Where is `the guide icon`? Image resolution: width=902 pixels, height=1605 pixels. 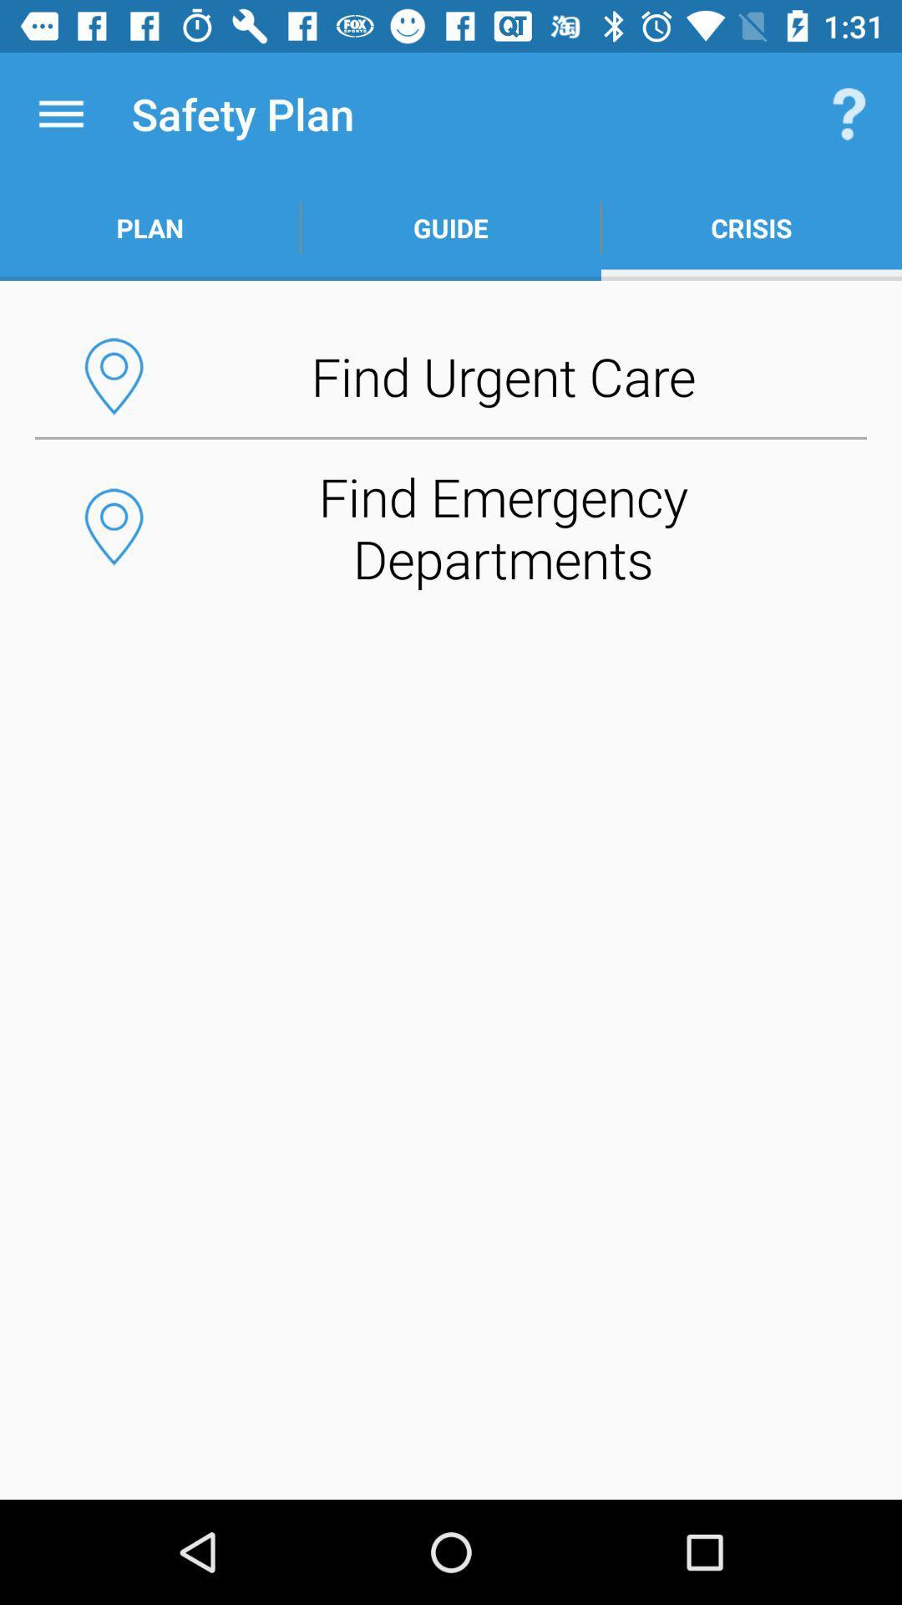
the guide icon is located at coordinates (451, 227).